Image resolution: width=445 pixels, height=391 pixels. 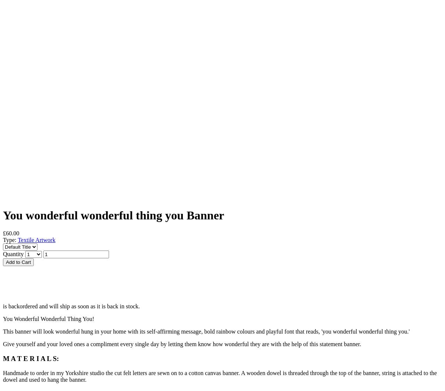 I want to click on 'is backordered and will ship as soon as it is back in stock.', so click(x=71, y=306).